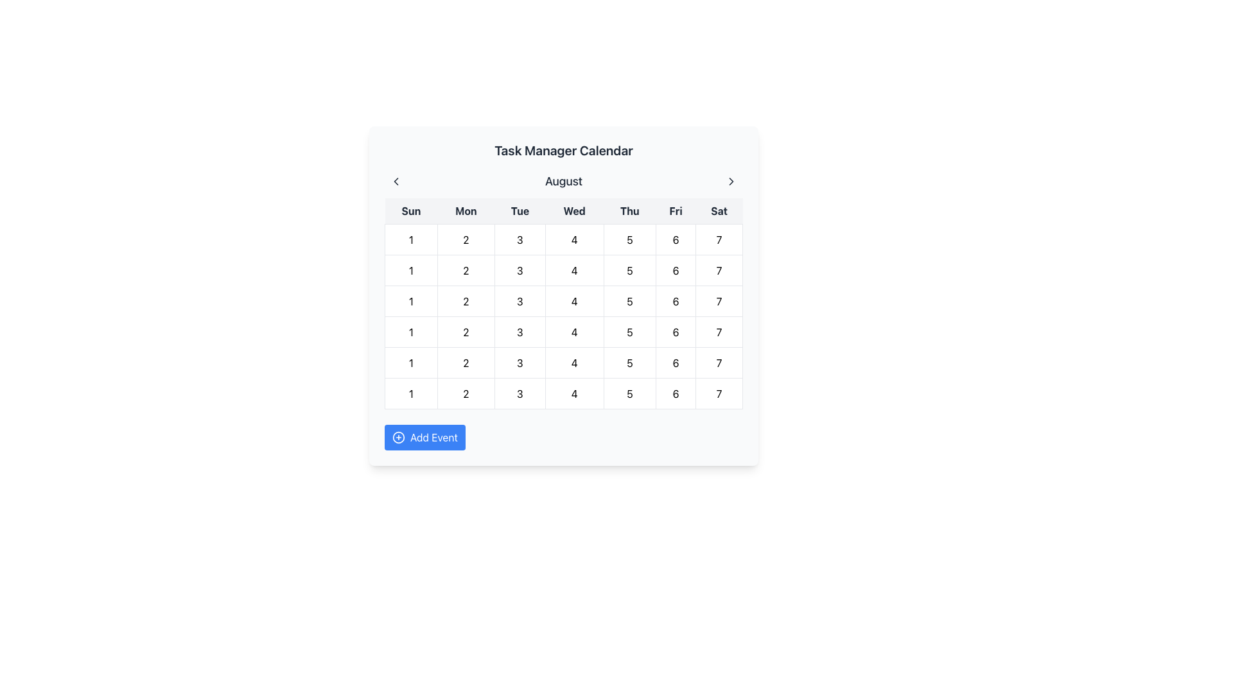 Image resolution: width=1233 pixels, height=693 pixels. What do you see at coordinates (629, 331) in the screenshot?
I see `the grid cell representing the date '5' in the calendar view, located in the fourth column under 'Thu'` at bounding box center [629, 331].